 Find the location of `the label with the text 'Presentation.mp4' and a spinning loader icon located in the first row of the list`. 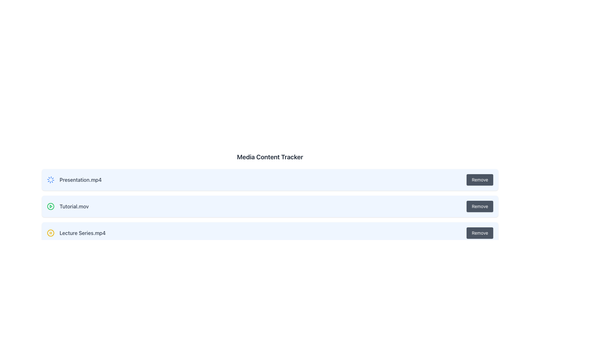

the label with the text 'Presentation.mp4' and a spinning loader icon located in the first row of the list is located at coordinates (74, 180).